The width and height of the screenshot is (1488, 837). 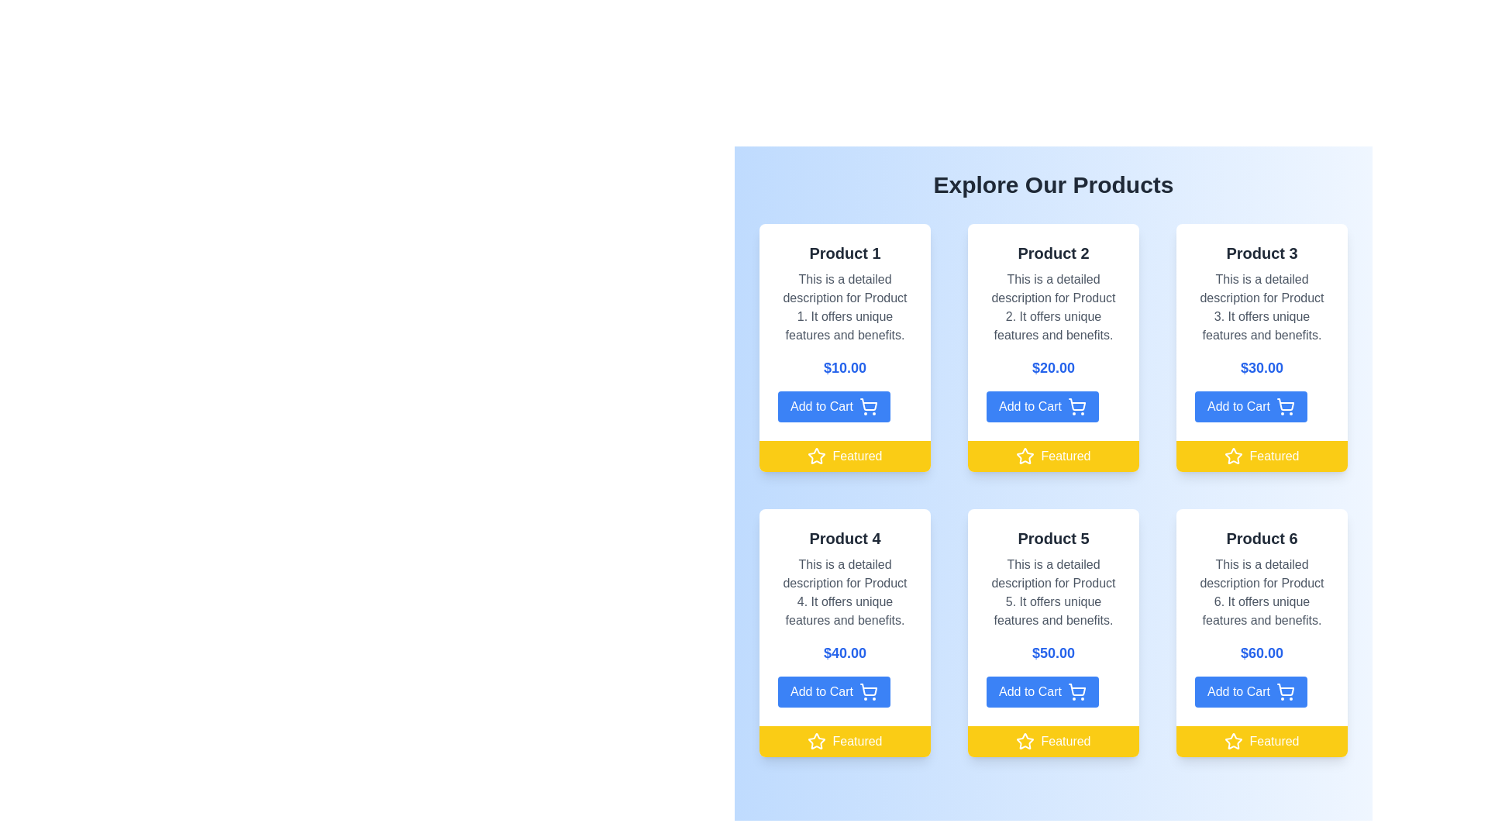 What do you see at coordinates (816, 740) in the screenshot?
I see `the decorative 'Featured' icon located underneath the 'Product 4' card in the grid layout` at bounding box center [816, 740].